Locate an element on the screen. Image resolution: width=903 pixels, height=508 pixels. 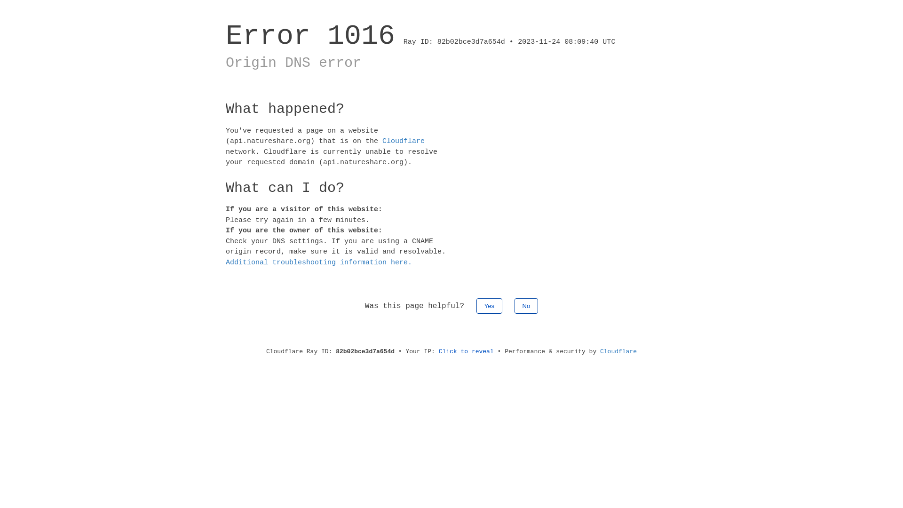
'Click to reveal' is located at coordinates (466, 351).